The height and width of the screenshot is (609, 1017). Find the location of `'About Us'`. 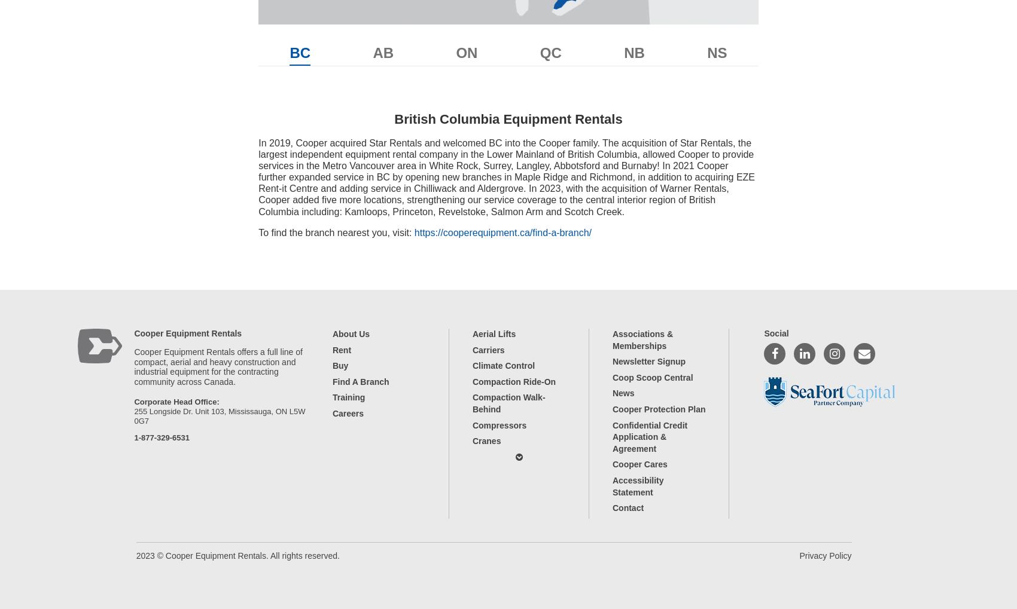

'About Us' is located at coordinates (350, 333).